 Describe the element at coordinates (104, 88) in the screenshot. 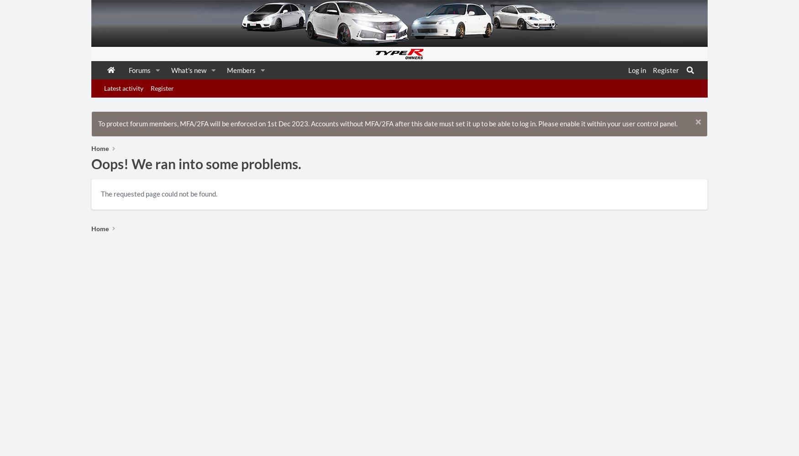

I see `'Latest activity'` at that location.